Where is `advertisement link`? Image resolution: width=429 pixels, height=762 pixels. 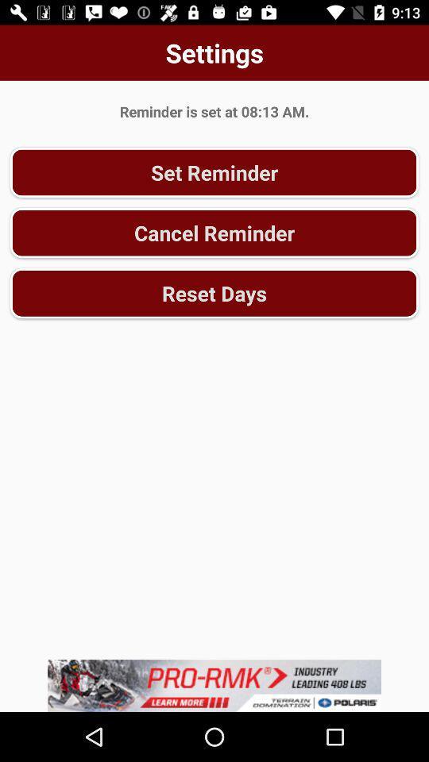
advertisement link is located at coordinates (214, 685).